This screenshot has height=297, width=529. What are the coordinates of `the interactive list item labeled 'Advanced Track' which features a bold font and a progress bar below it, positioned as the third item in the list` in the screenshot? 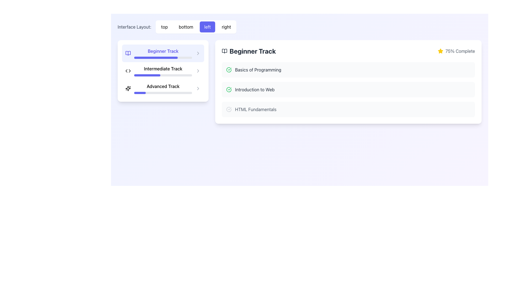 It's located at (163, 88).